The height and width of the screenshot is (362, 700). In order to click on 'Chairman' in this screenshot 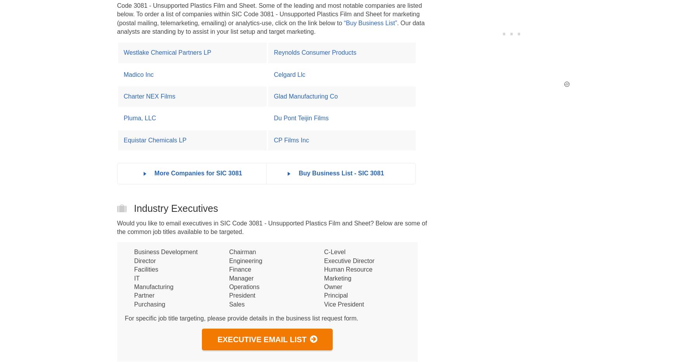, I will do `click(242, 251)`.